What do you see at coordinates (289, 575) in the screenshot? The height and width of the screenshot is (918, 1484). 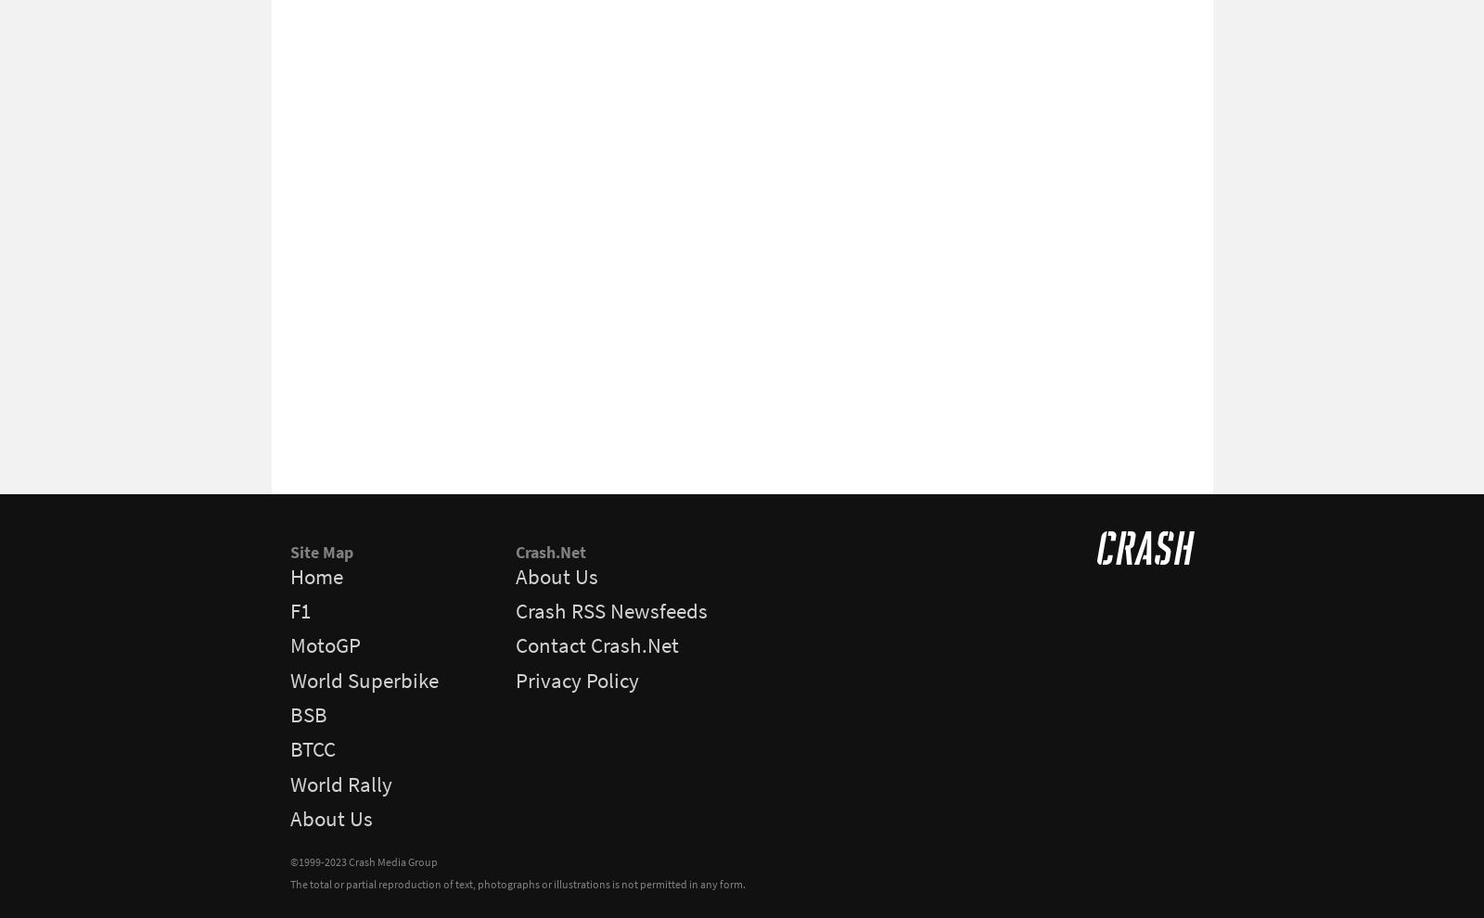 I see `'Home'` at bounding box center [289, 575].